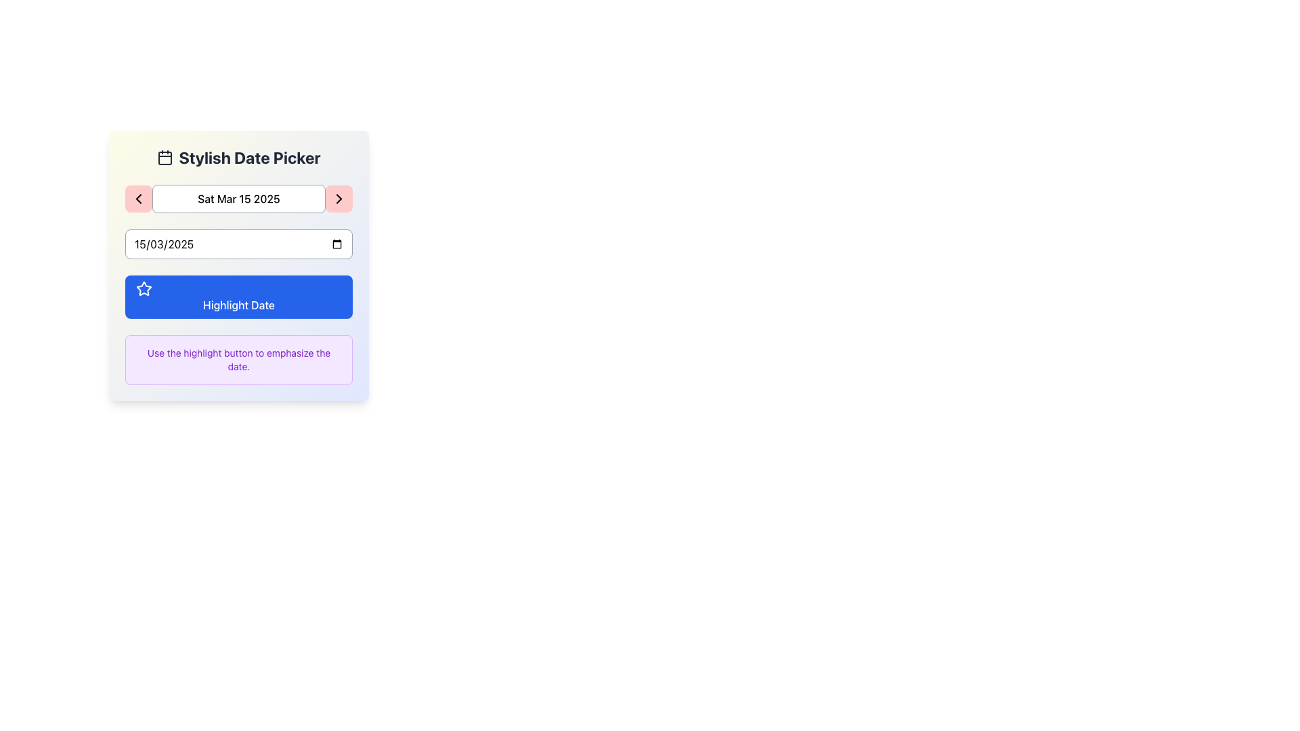 The width and height of the screenshot is (1300, 731). What do you see at coordinates (144, 288) in the screenshot?
I see `the appearance of the star icon located at the top-left corner of the 'Highlight Date' button, which is positioned centrally below the date input field` at bounding box center [144, 288].